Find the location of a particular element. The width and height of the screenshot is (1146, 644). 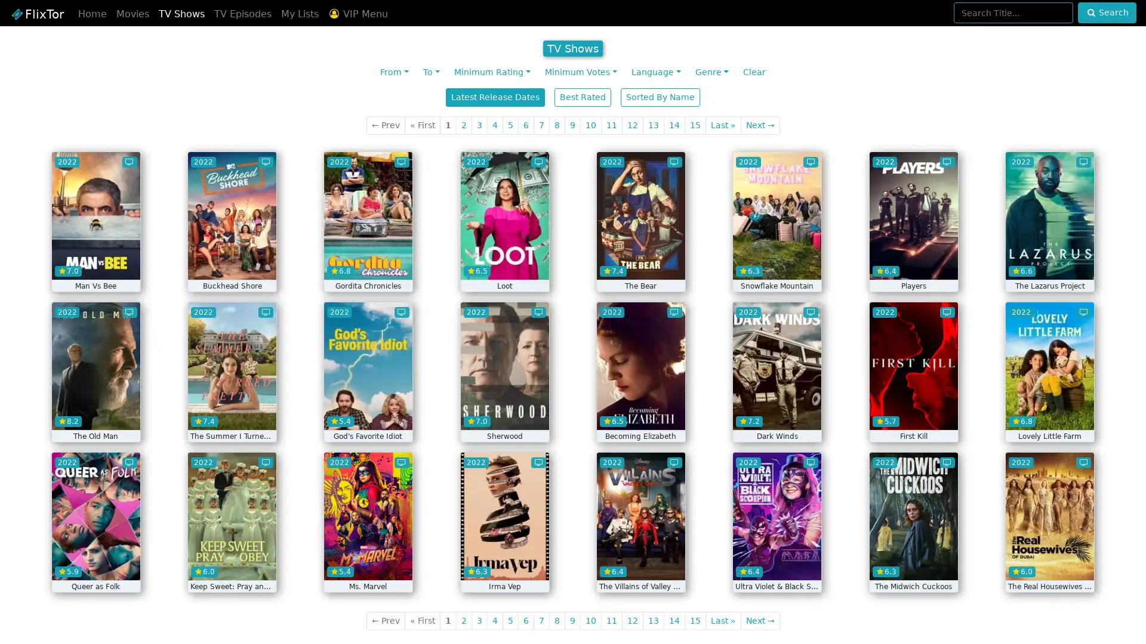

Watch Now is located at coordinates (913, 261).